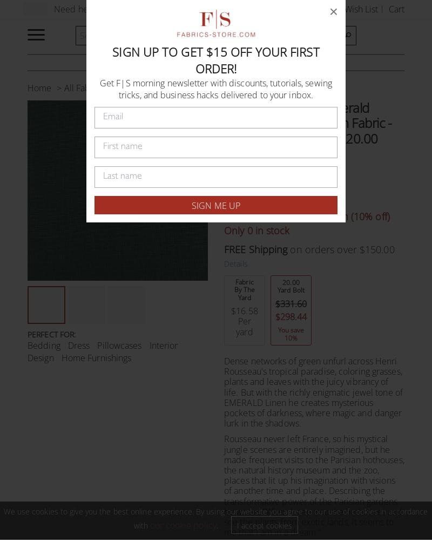  Describe the element at coordinates (51, 334) in the screenshot. I see `'PERFECT FOR:'` at that location.